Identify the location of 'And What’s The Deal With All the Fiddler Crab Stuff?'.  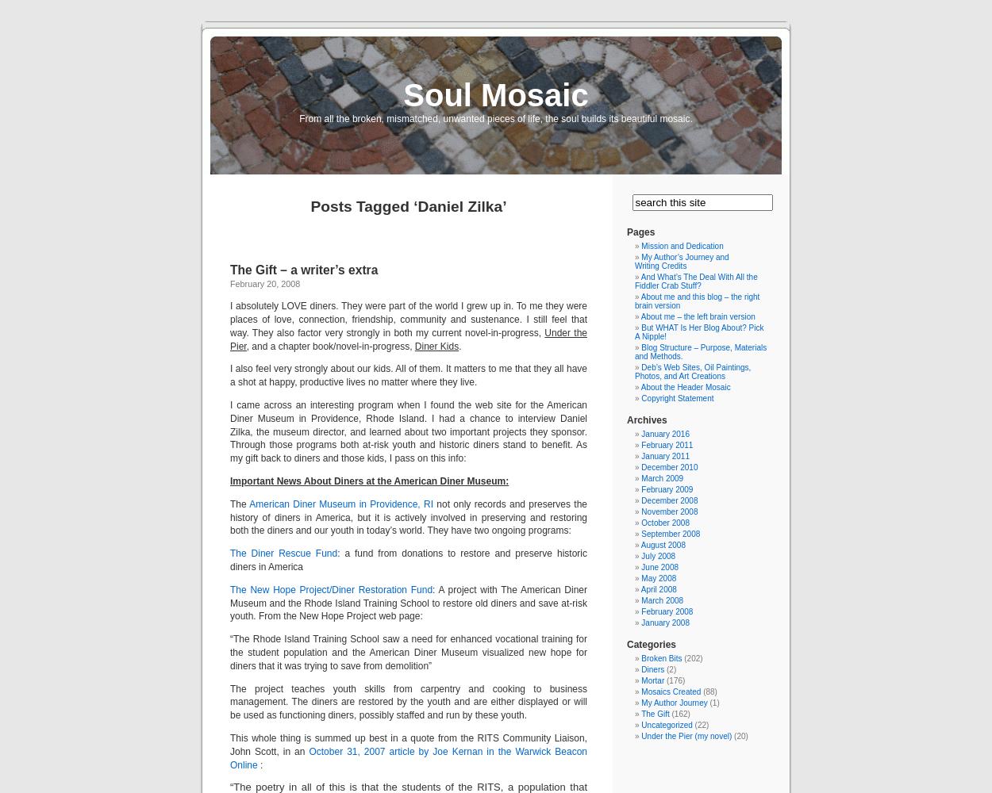
(635, 281).